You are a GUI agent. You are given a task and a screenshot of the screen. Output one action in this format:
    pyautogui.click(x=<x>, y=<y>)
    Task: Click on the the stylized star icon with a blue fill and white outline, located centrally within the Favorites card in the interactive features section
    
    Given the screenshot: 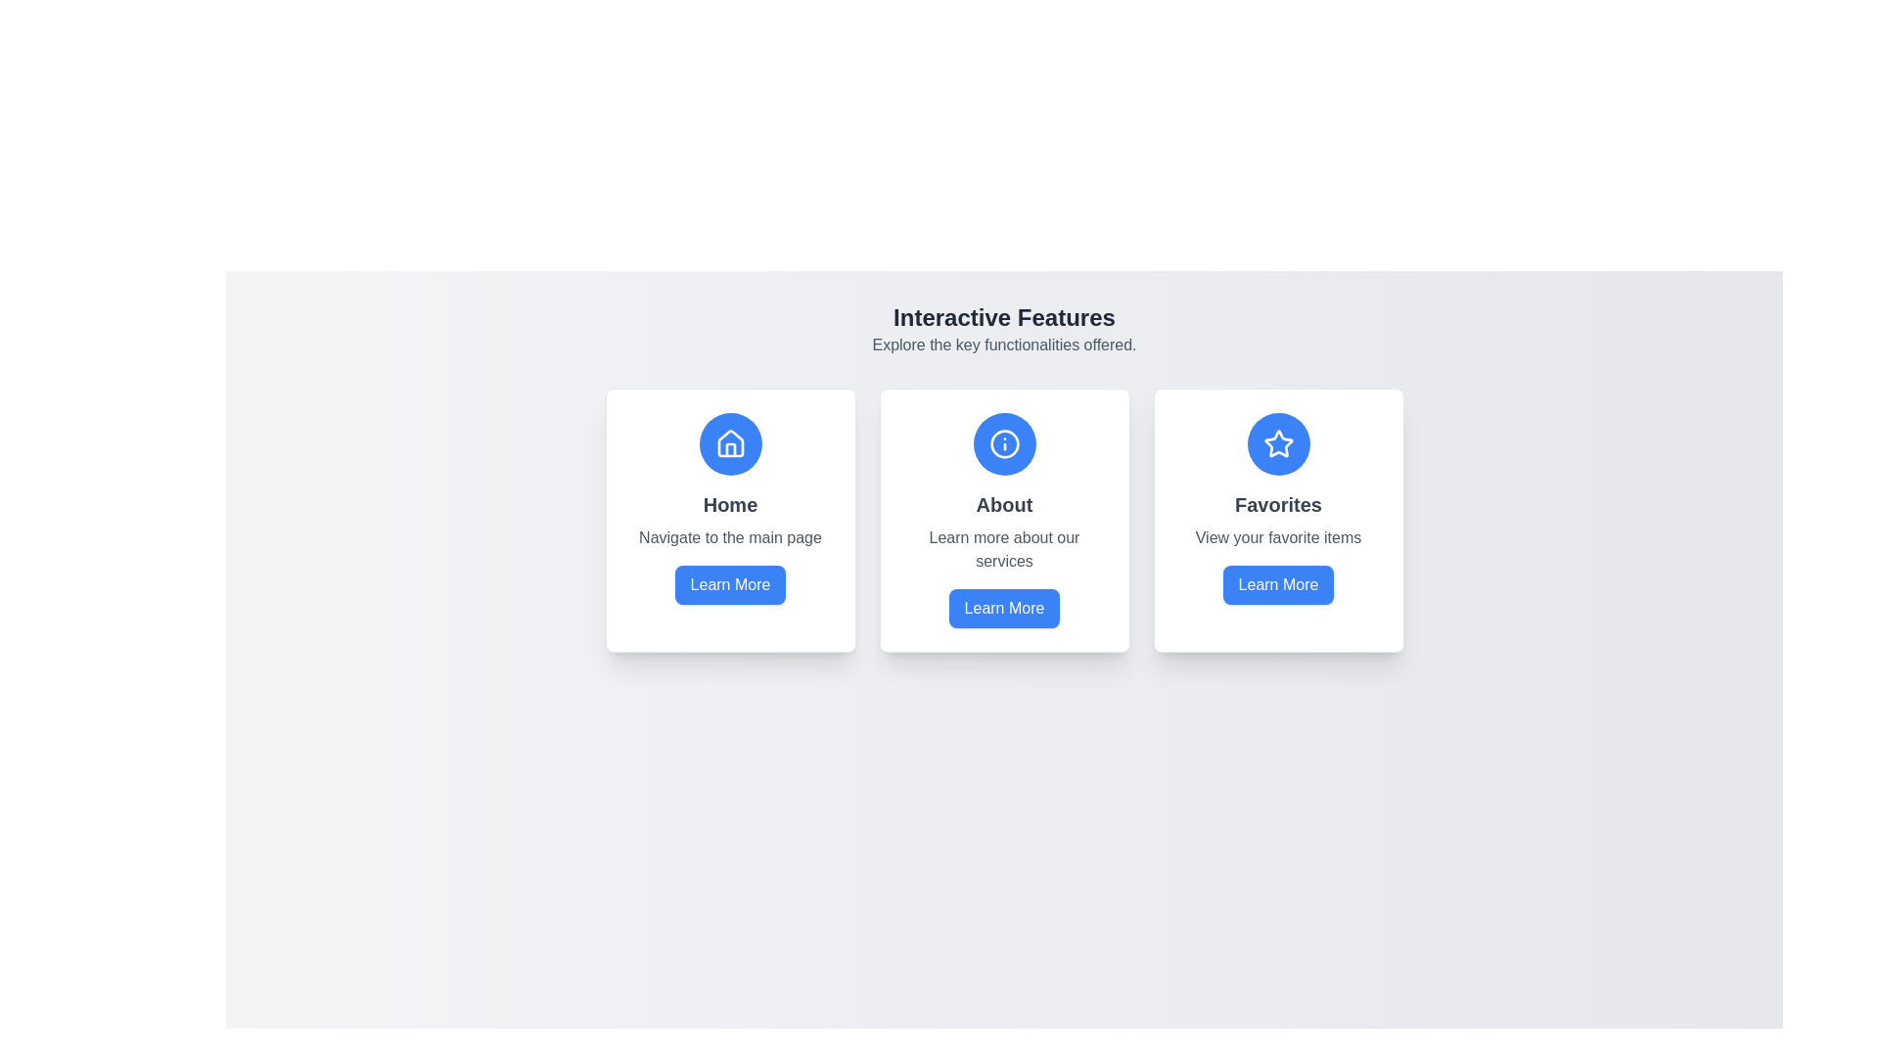 What is the action you would take?
    pyautogui.click(x=1278, y=443)
    